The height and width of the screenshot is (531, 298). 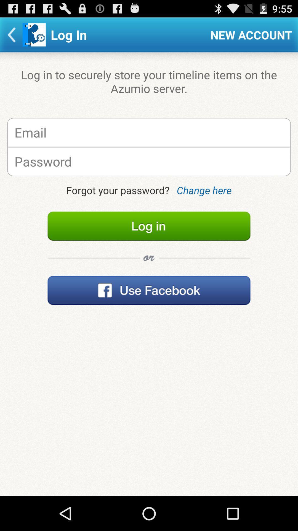 I want to click on the item above log in to icon, so click(x=251, y=34).